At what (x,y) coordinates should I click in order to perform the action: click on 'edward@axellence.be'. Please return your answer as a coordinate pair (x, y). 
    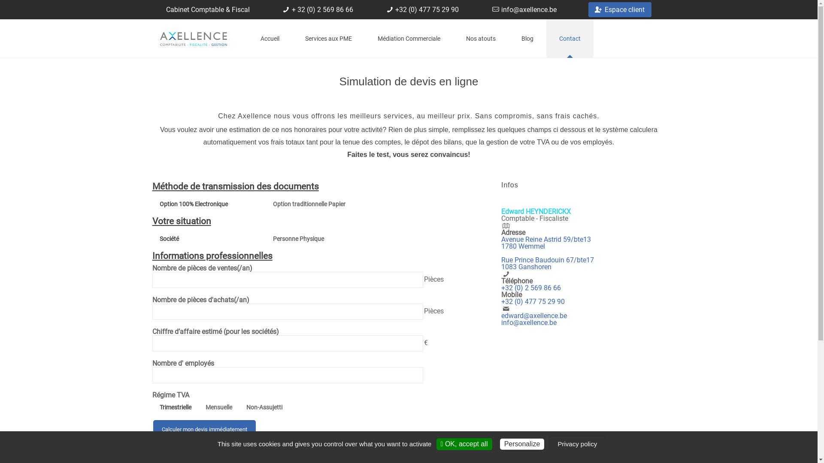
    Looking at the image, I should click on (533, 316).